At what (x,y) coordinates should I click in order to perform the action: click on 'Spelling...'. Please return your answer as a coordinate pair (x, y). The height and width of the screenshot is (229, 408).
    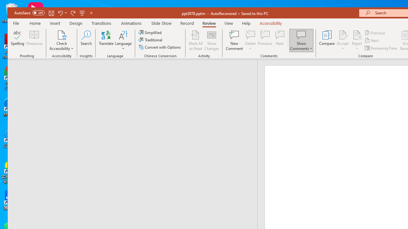
    Looking at the image, I should click on (18, 40).